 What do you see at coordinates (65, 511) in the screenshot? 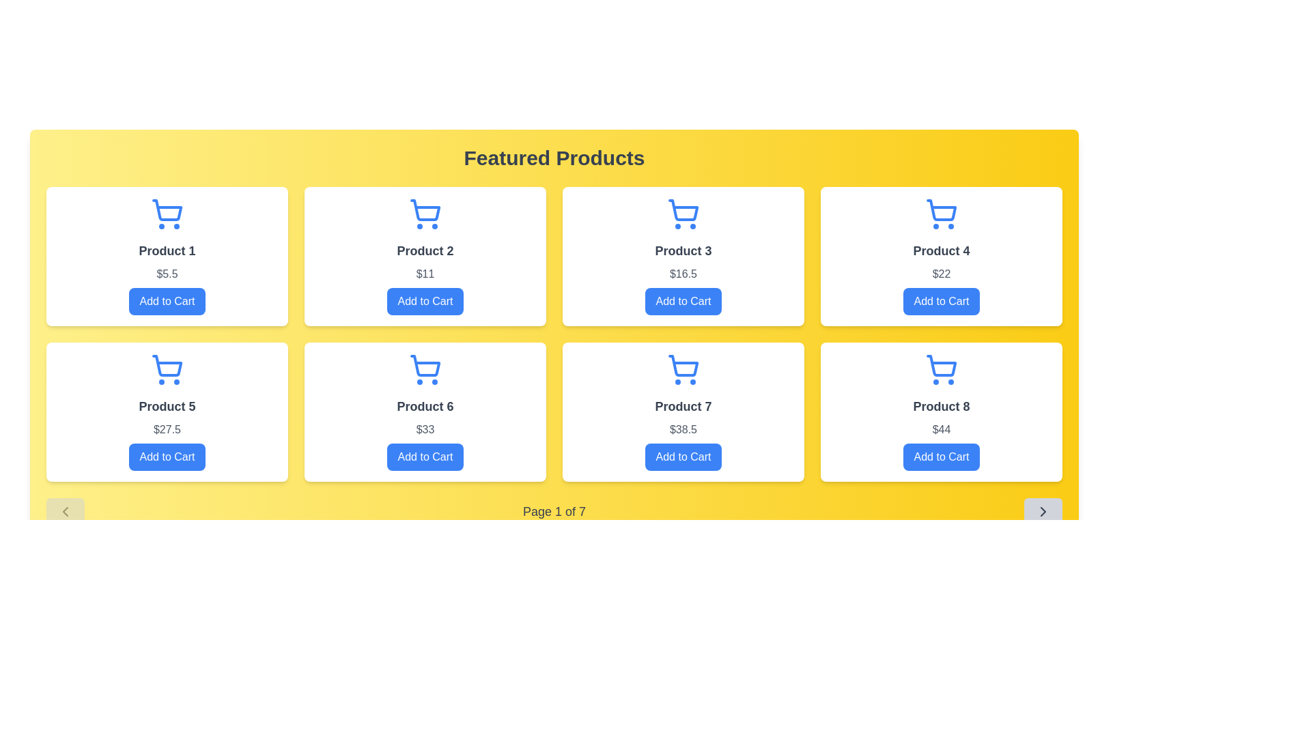
I see `the small rectangular button with a light gray background and a leftward chevron icon` at bounding box center [65, 511].